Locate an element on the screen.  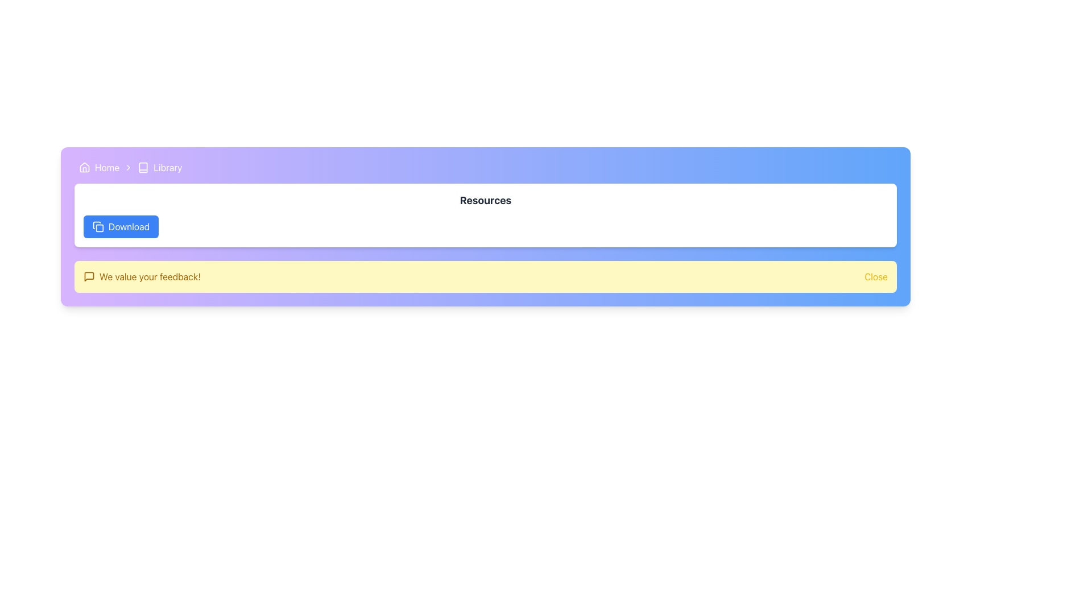
the open book icon located to the left of the text 'Library' in the breadcrumb navigation bar is located at coordinates (143, 167).